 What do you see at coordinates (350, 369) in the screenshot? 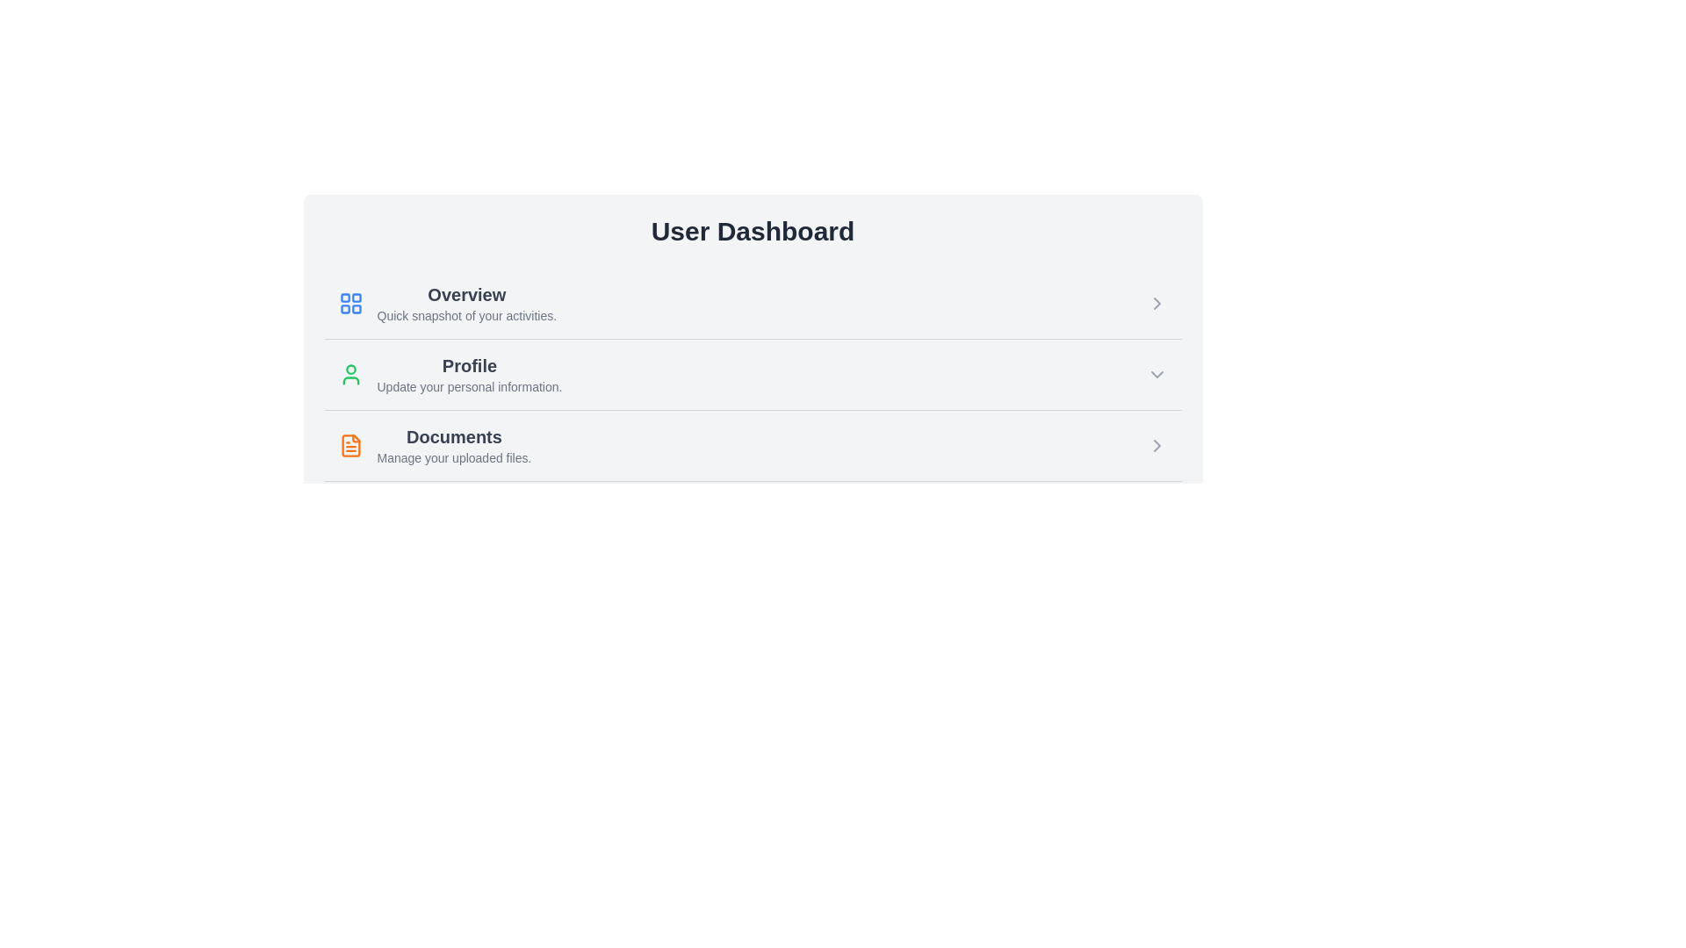
I see `the user's profile icon, which is a green circular icon representing the user's profile picture located in the profile row on the dashboard` at bounding box center [350, 369].